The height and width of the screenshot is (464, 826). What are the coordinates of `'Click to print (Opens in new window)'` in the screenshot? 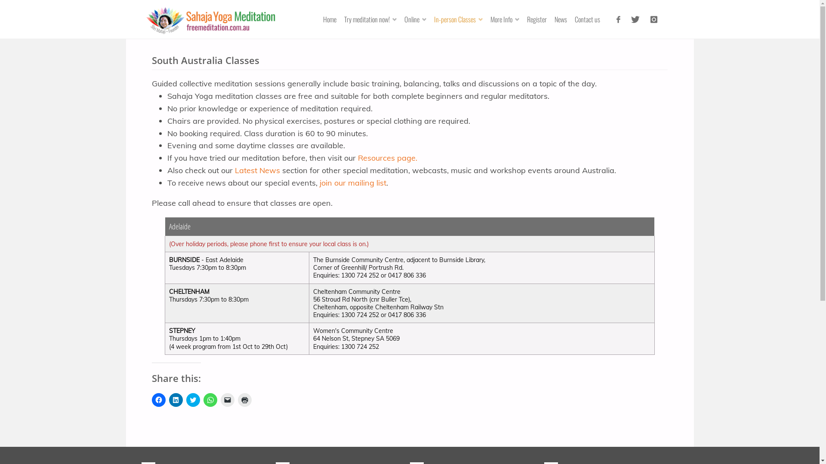 It's located at (244, 400).